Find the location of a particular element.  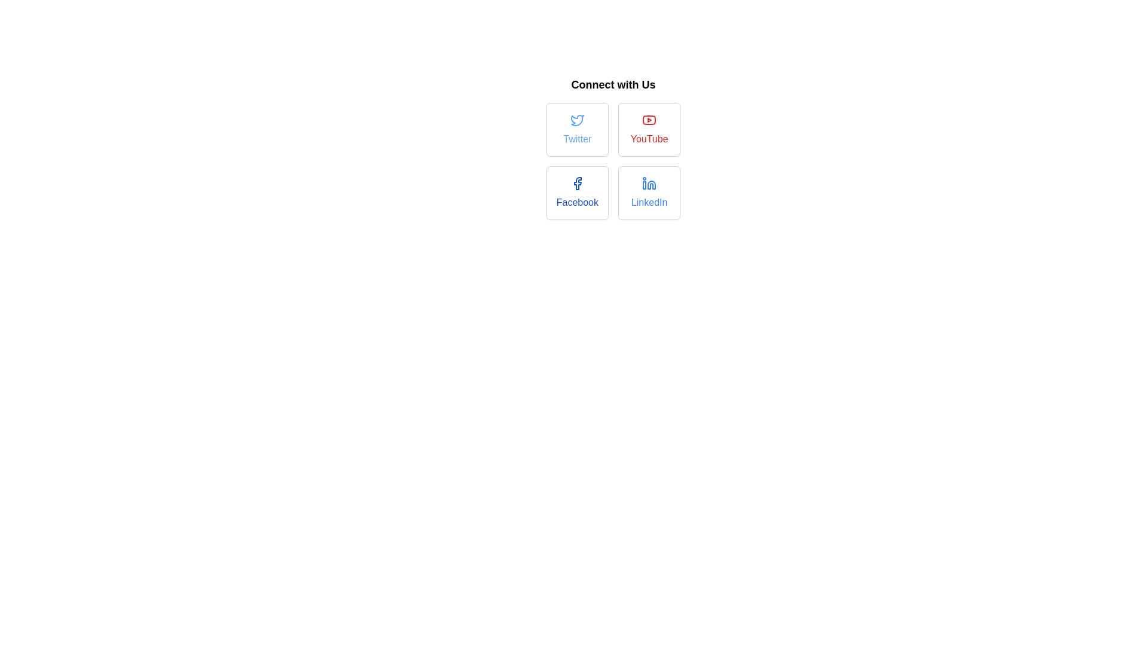

the LinkedIn icon, represented by a stylized 'in' logo in blue, located in the bottom-right corner of the grid under the label 'Connect with Us' is located at coordinates (649, 184).